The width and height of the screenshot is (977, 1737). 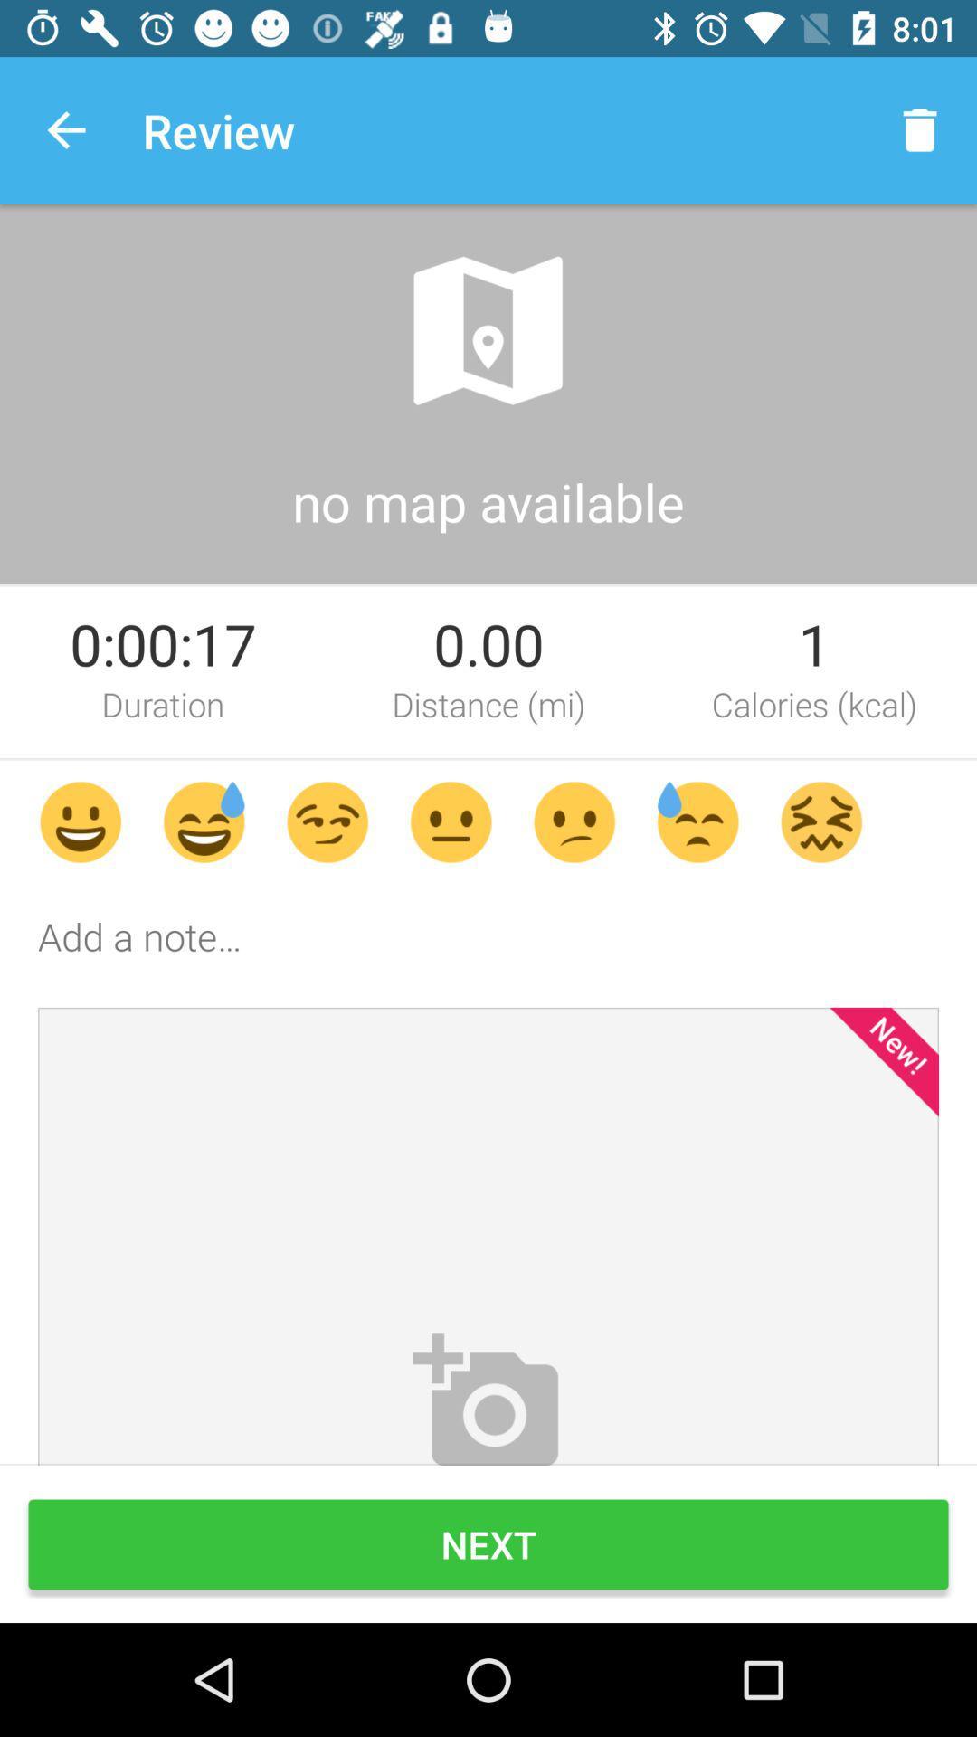 What do you see at coordinates (488, 1395) in the screenshot?
I see `camera icon` at bounding box center [488, 1395].